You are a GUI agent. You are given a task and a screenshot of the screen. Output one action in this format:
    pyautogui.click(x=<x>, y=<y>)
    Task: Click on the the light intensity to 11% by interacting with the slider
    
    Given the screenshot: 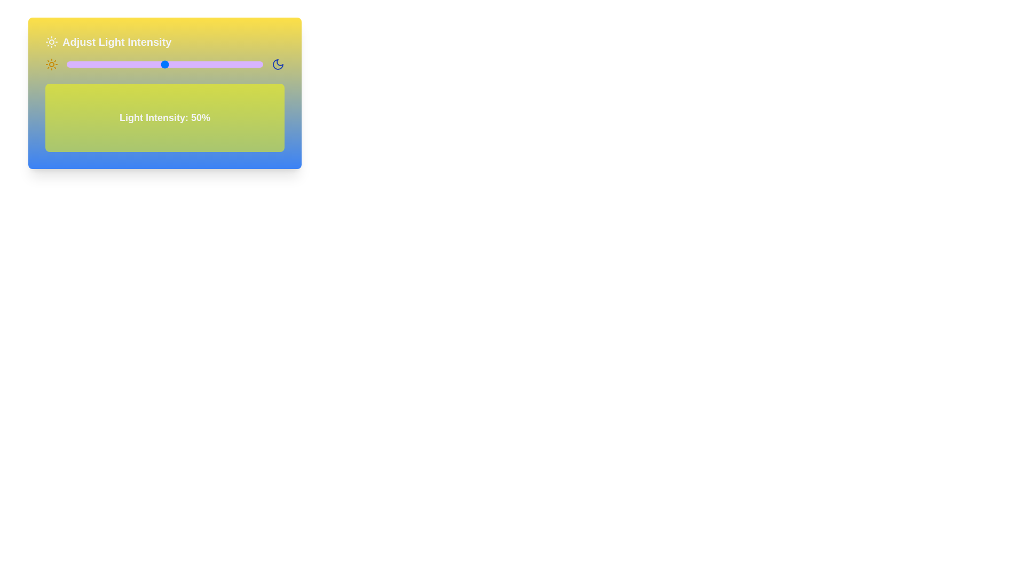 What is the action you would take?
    pyautogui.click(x=88, y=64)
    